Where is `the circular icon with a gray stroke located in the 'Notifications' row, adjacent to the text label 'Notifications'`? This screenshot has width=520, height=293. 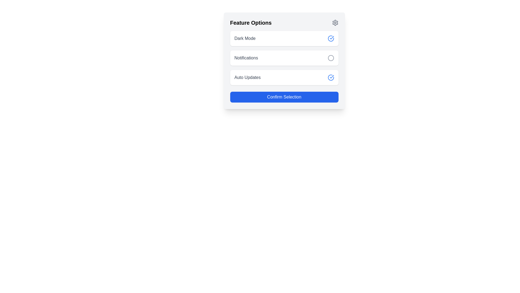
the circular icon with a gray stroke located in the 'Notifications' row, adjacent to the text label 'Notifications' is located at coordinates (330, 58).